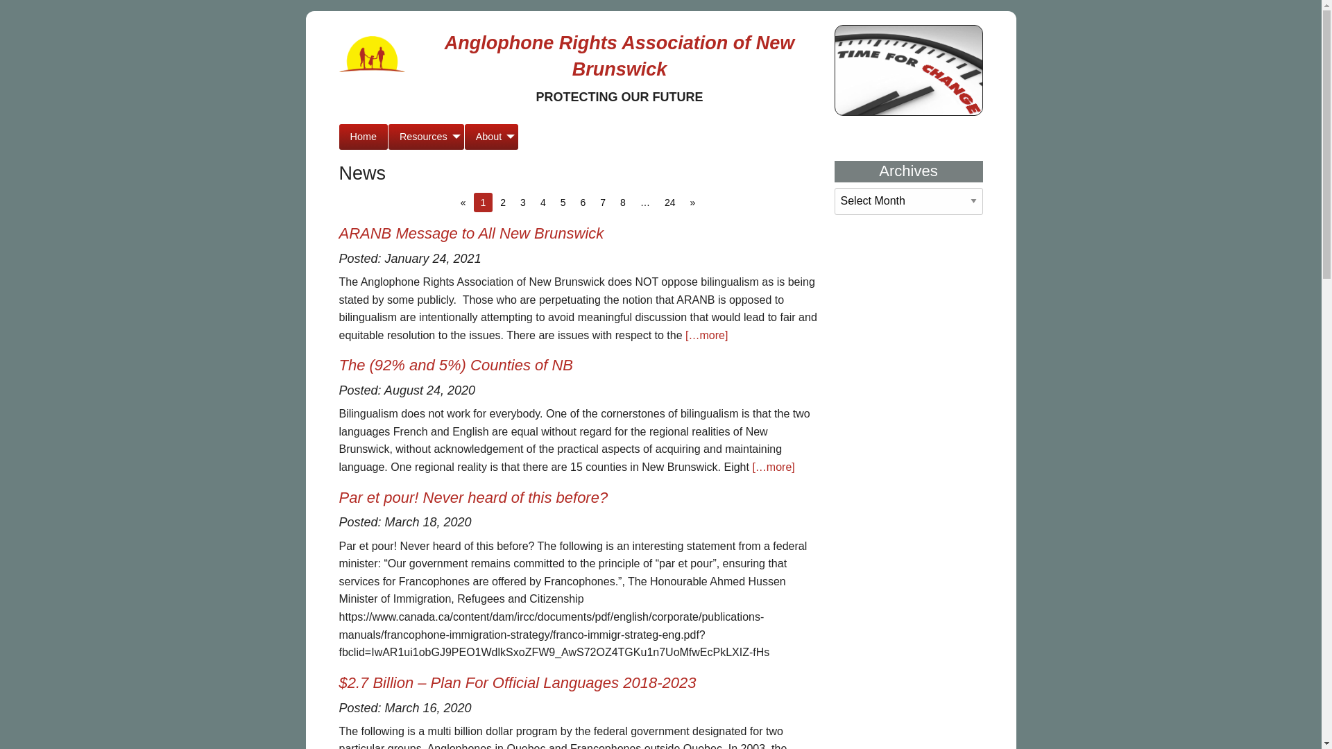 The width and height of the screenshot is (1332, 749). What do you see at coordinates (532, 203) in the screenshot?
I see `'4'` at bounding box center [532, 203].